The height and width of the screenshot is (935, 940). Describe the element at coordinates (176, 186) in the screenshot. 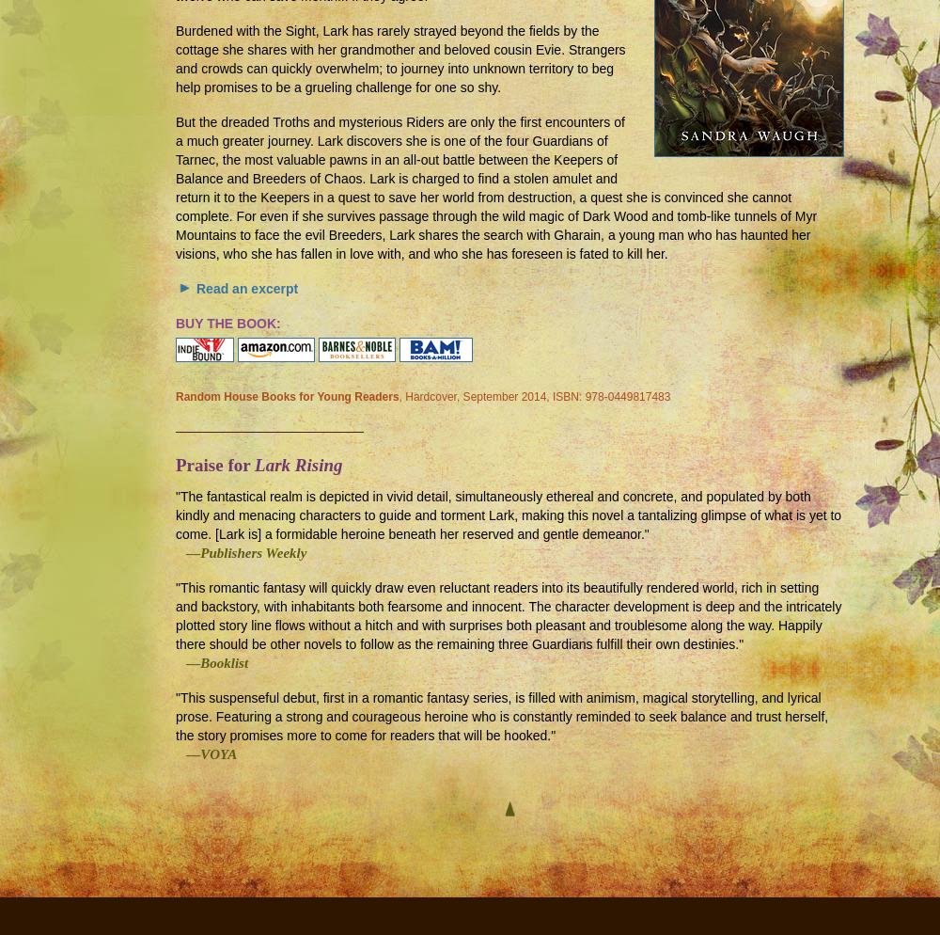

I see `'But the dreaded Troths and mysterious Riders are only the first encounters of a much greater journey. Lark discovers she is one of the four Guardians of Tarnec, the most valuable pawns in an all-out battle between the Keepers of Balance and Breeders of Chaos. Lark is charged to find a stolen amulet and return it to the Keepers in a quest to save her world from destruction, a quest she is convinced she cannot complete. For even if she survives passage through the wild magic of Dark Wood and tomb-like tunnels of Myr Mountains to face the evil Breeders, Lark shares the search with Gharain, a young man who has haunted her visions, who she has fallen in love with, and who she has foreseen is fated to kill her.'` at that location.